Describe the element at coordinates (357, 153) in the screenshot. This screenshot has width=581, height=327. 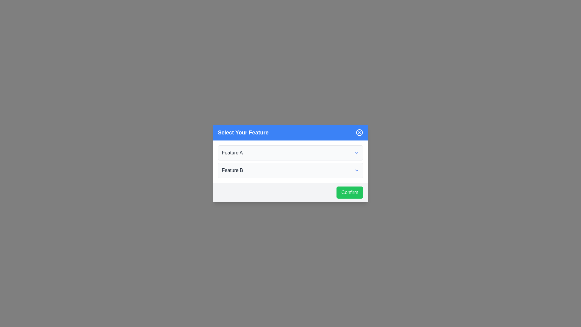
I see `the chevron-down icon to the right of 'Feature A'` at that location.